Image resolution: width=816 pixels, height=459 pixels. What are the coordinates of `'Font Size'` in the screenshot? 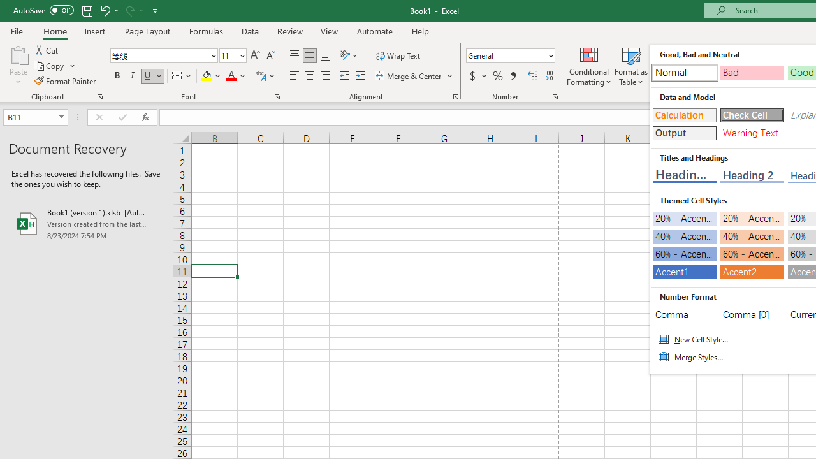 It's located at (229, 55).